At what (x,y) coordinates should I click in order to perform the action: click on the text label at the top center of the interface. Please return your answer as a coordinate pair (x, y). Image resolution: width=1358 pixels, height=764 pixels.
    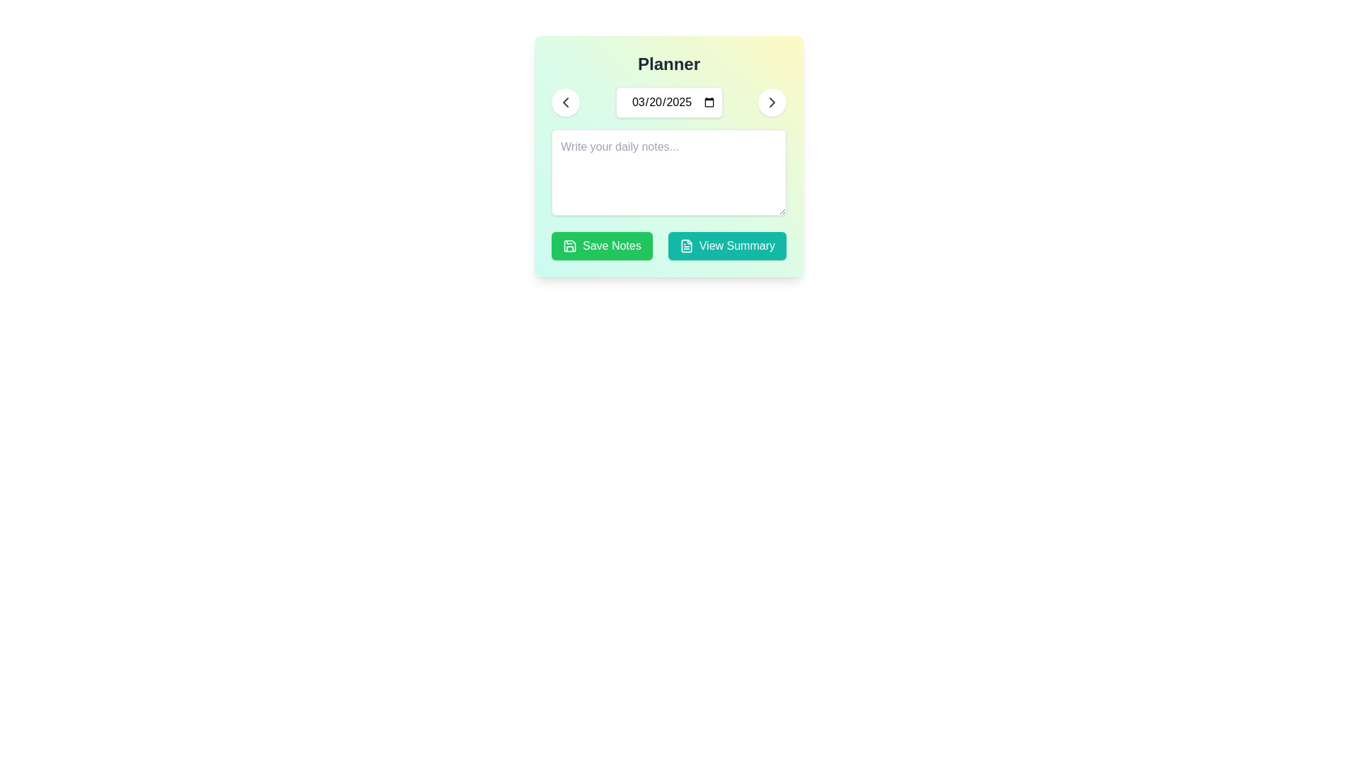
    Looking at the image, I should click on (668, 64).